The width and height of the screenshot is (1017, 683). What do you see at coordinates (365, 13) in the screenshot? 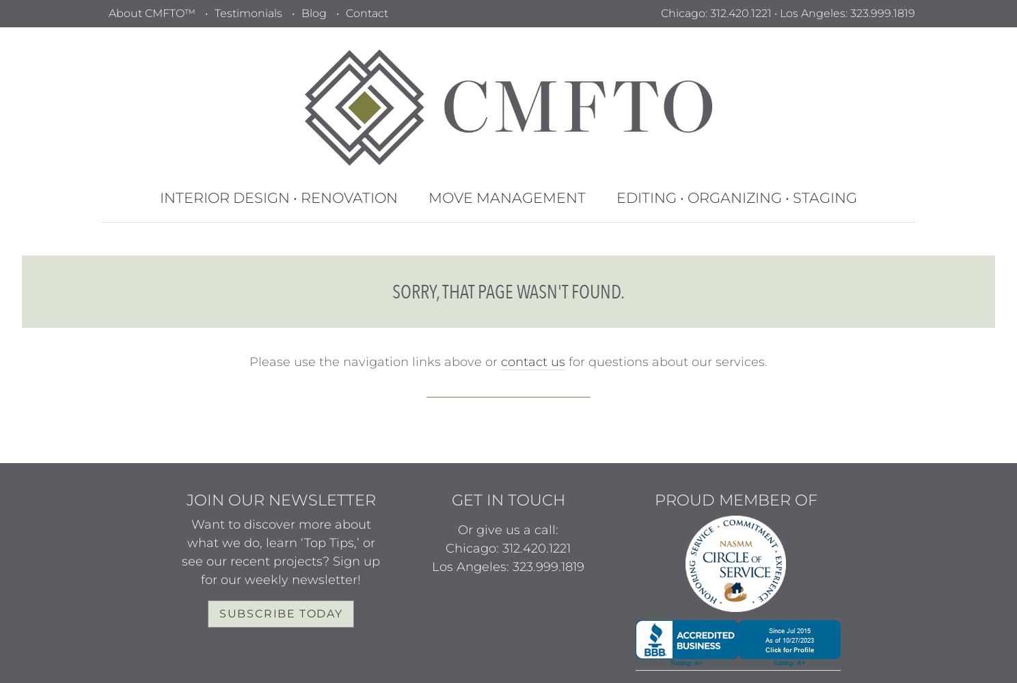
I see `'Contact'` at bounding box center [365, 13].